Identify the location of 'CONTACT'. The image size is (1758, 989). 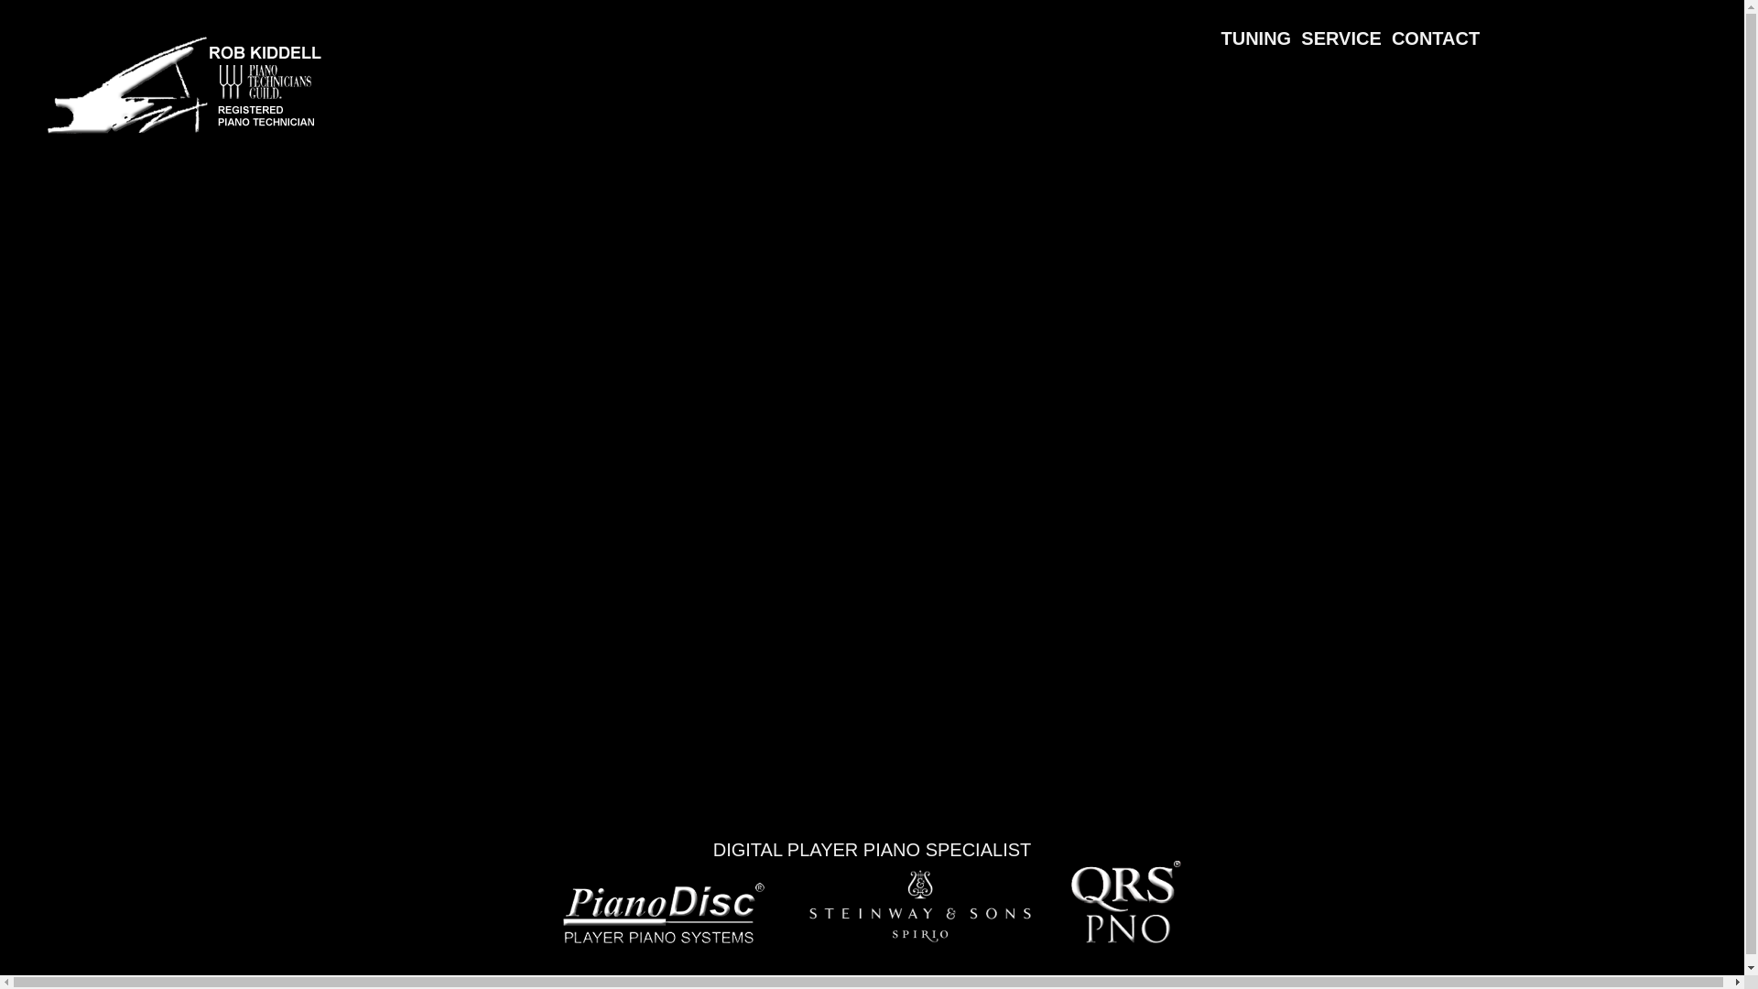
(1435, 27).